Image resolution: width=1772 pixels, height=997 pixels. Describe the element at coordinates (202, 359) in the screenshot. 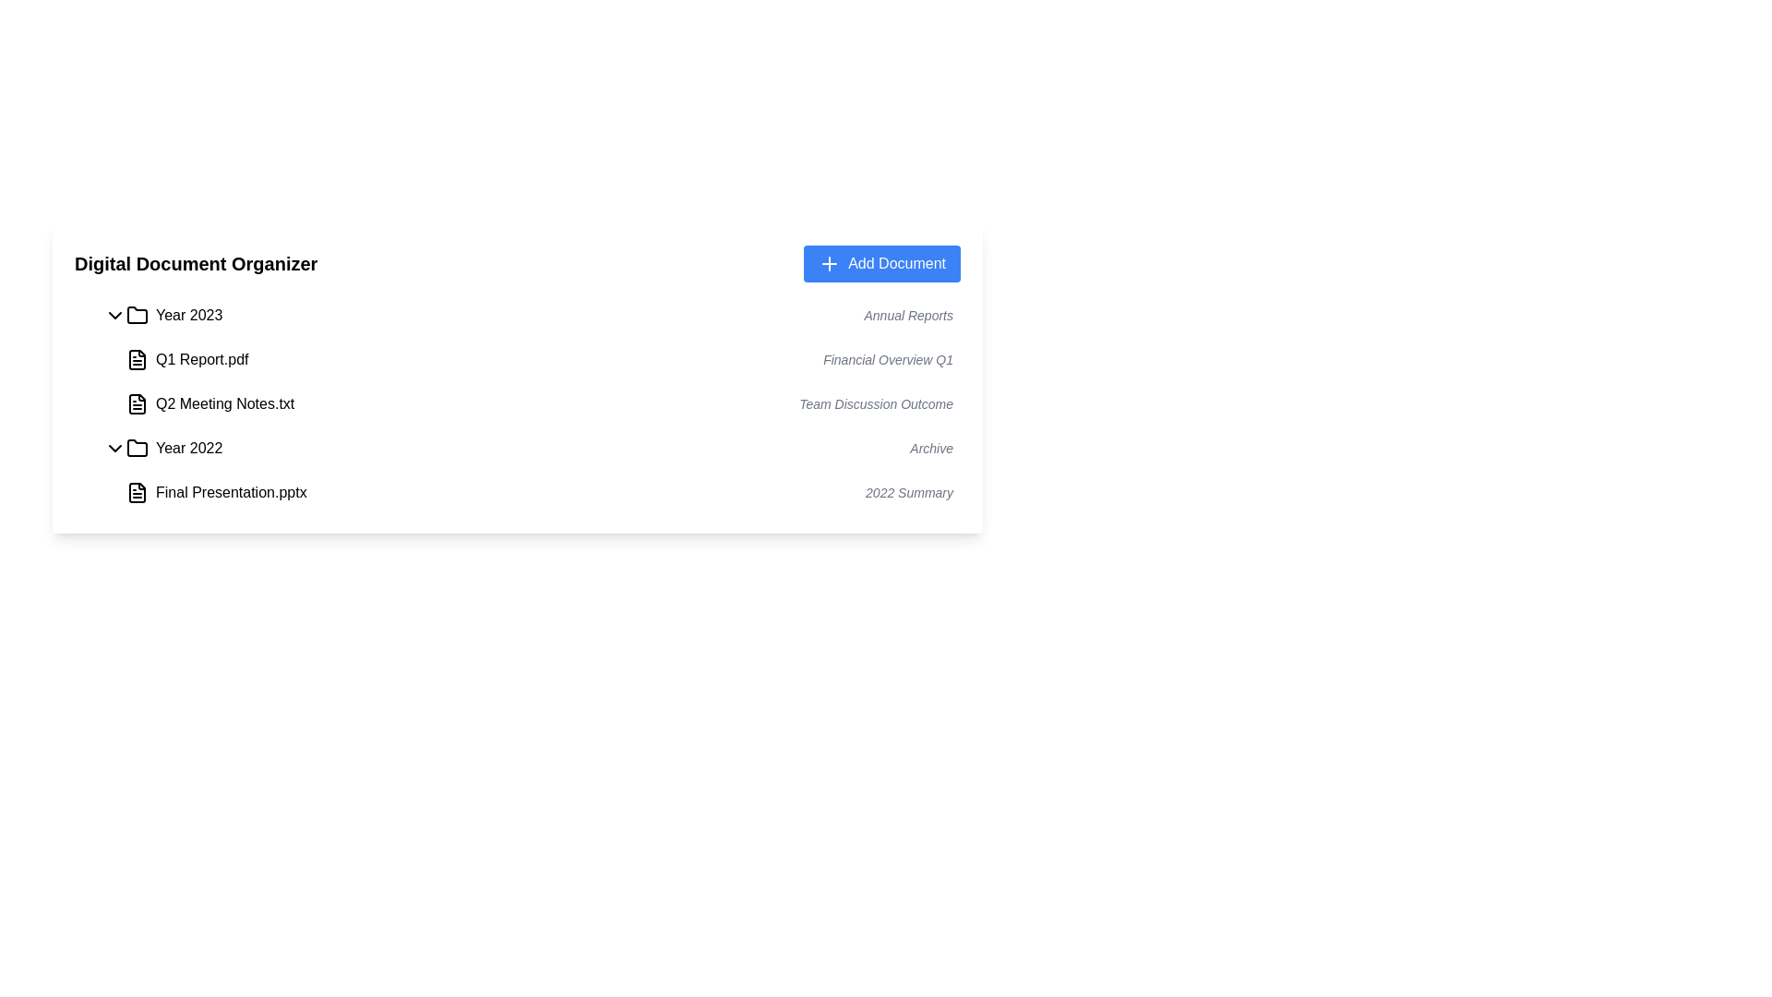

I see `the text label 'Q1 Report.pdf' which identifies the linked document, positioned beneath the 'Year 2023' folder` at that location.